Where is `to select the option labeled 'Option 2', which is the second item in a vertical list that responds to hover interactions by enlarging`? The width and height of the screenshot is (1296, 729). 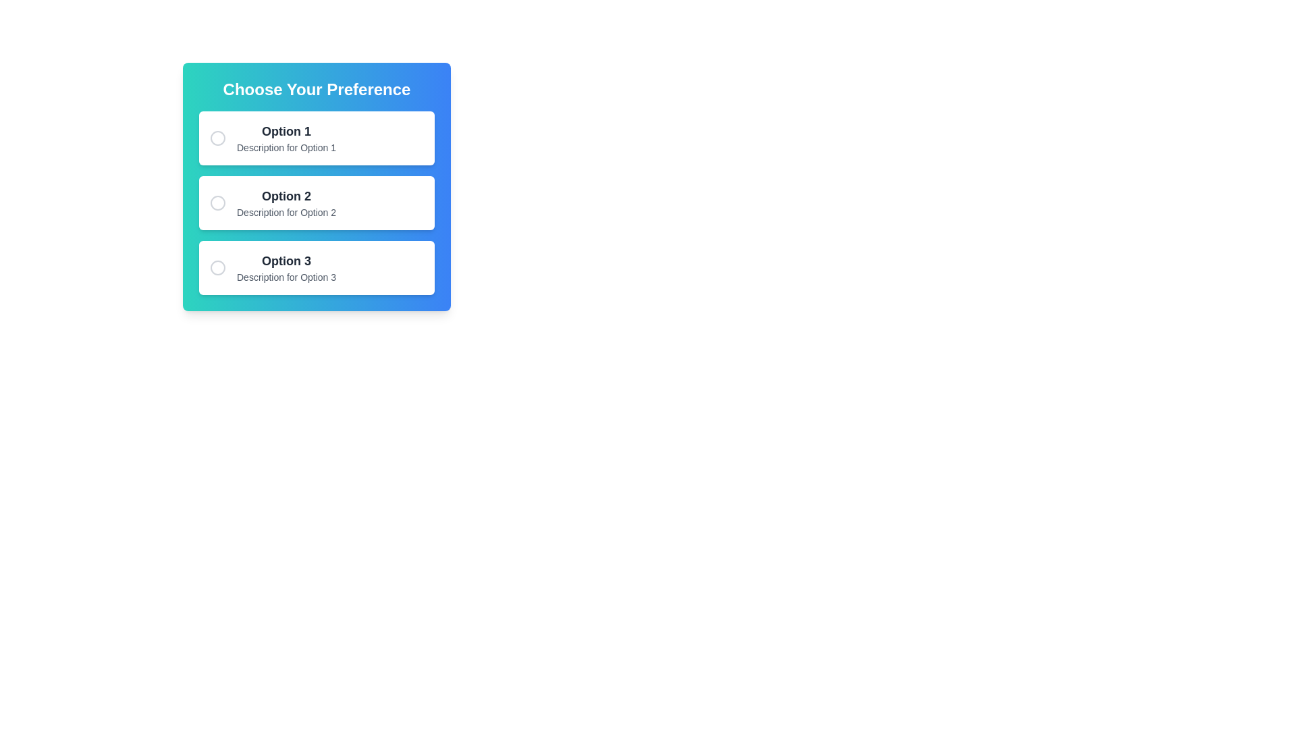 to select the option labeled 'Option 2', which is the second item in a vertical list that responds to hover interactions by enlarging is located at coordinates (316, 202).